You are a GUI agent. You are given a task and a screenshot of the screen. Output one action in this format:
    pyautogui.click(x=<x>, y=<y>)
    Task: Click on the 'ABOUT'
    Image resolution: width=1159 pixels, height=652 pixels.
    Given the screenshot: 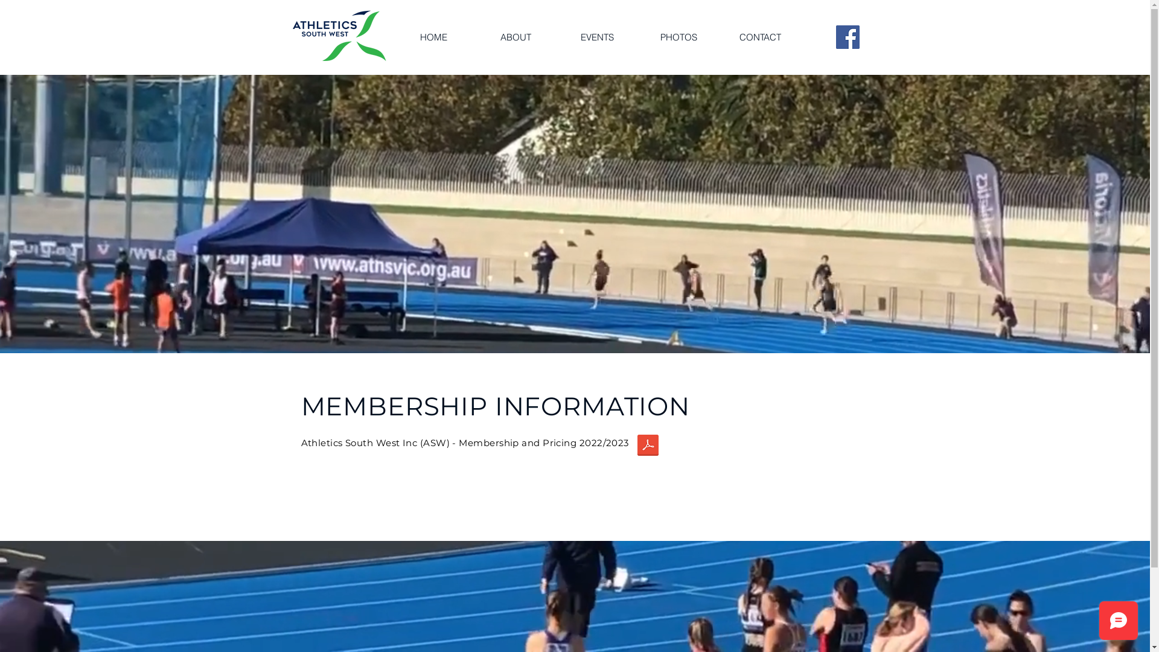 What is the action you would take?
    pyautogui.click(x=515, y=36)
    